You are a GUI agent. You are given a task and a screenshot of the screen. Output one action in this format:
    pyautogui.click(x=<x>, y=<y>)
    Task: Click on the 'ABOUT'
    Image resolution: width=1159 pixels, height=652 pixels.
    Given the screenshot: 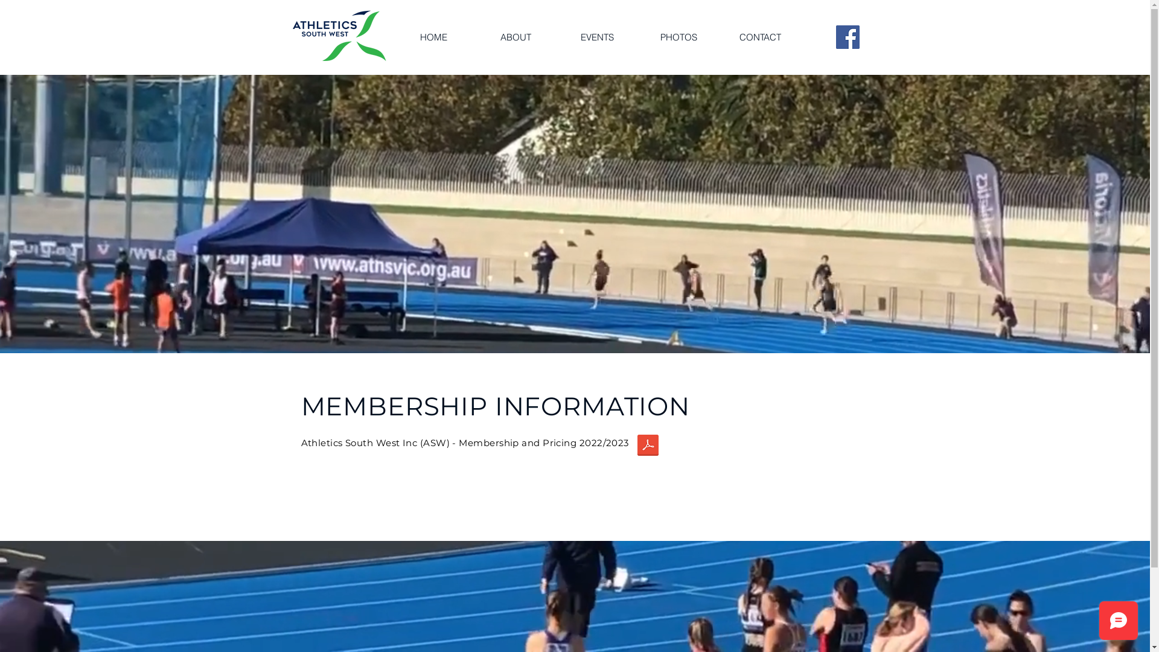 What is the action you would take?
    pyautogui.click(x=515, y=36)
    